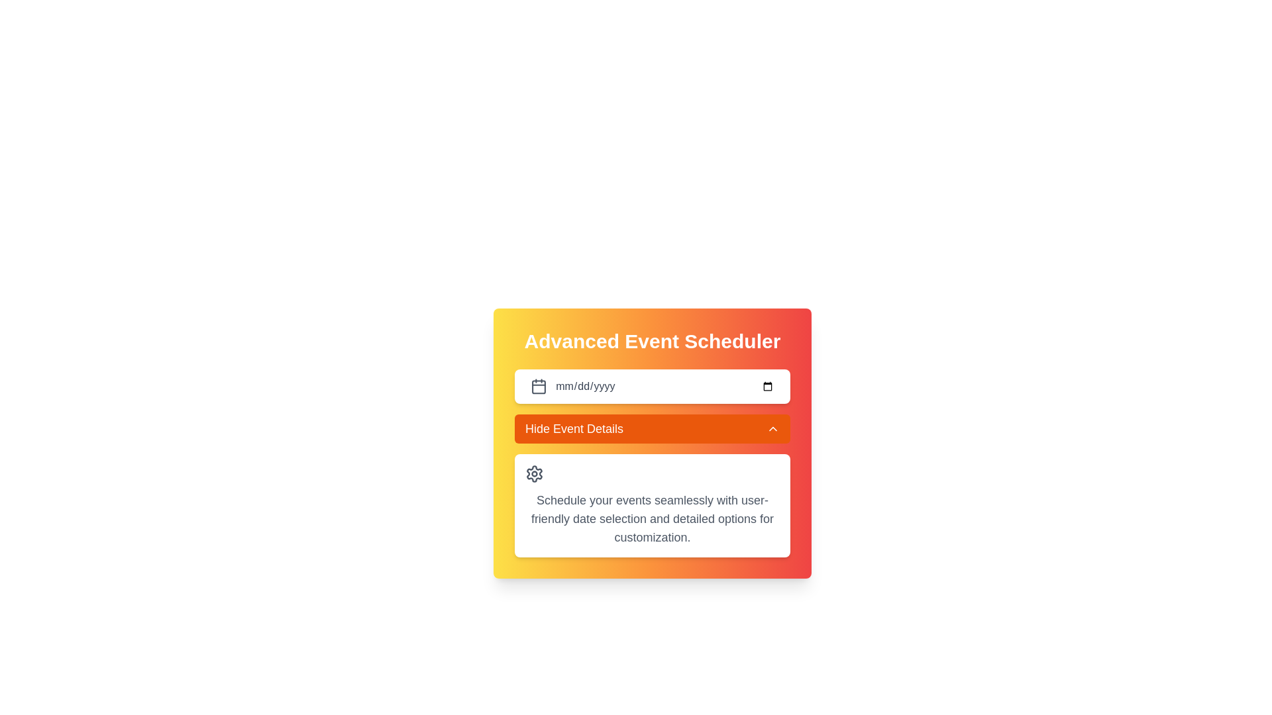  What do you see at coordinates (652, 429) in the screenshot?
I see `the button located directly underneath the date selection field` at bounding box center [652, 429].